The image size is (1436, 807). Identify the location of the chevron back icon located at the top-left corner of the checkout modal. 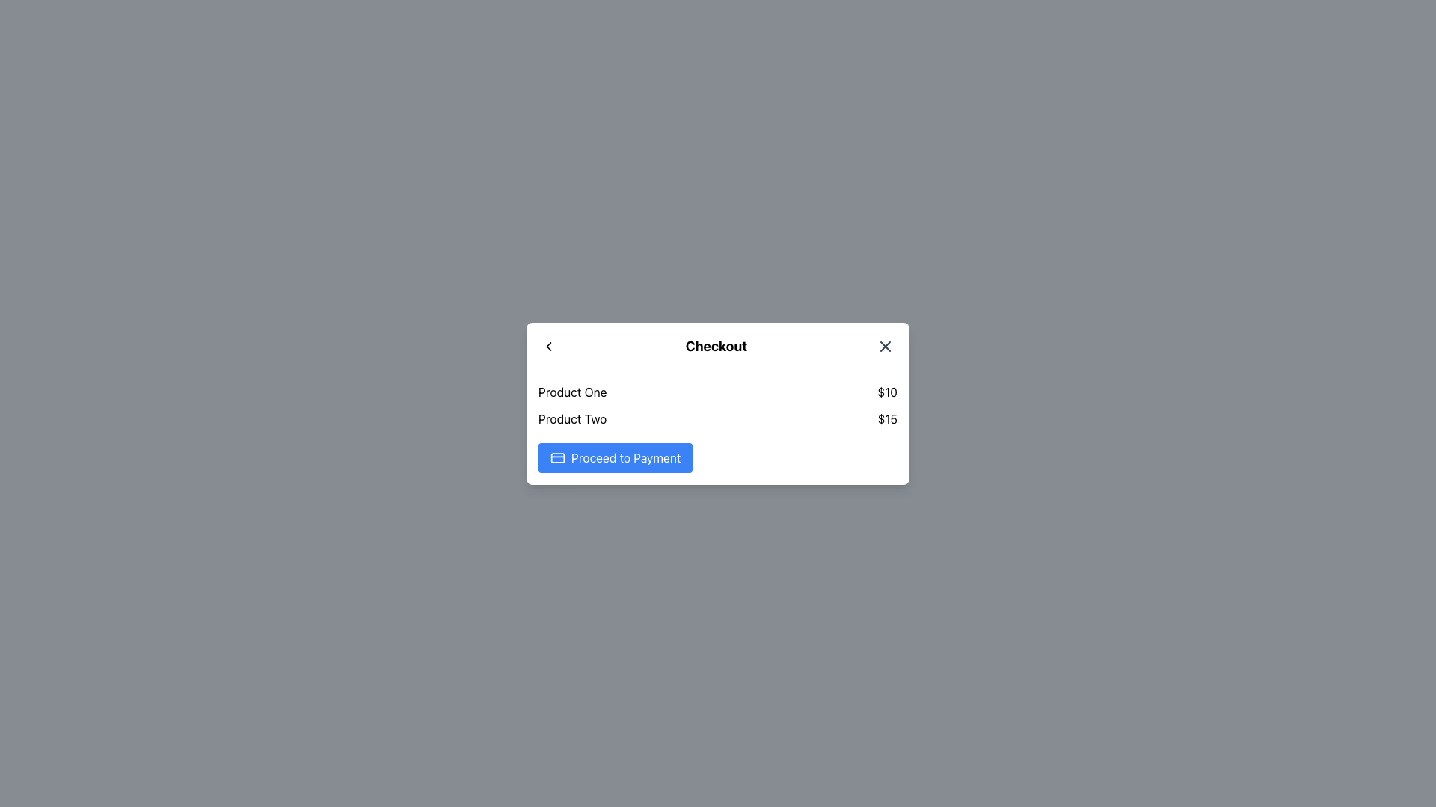
(548, 346).